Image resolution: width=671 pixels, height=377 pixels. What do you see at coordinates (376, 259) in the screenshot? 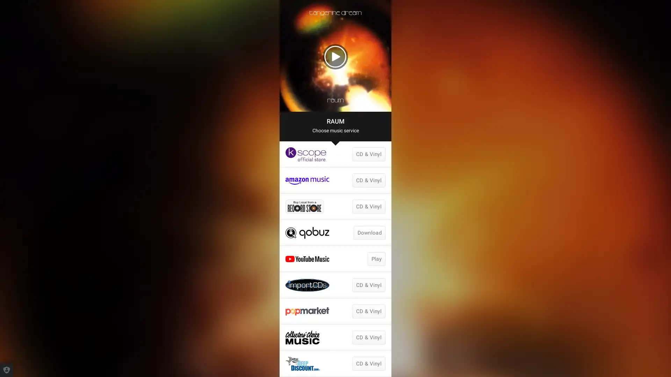
I see `Play` at bounding box center [376, 259].